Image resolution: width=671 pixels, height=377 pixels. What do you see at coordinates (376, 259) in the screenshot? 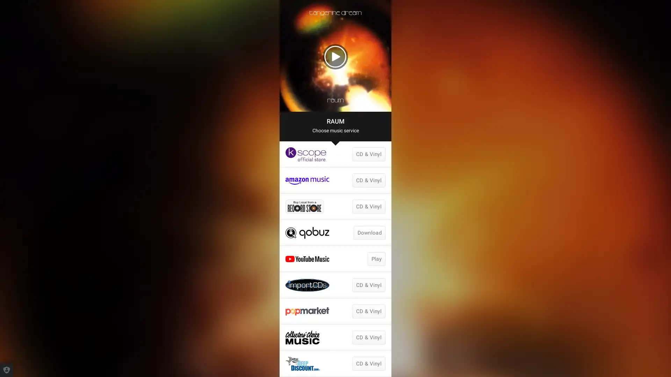
I see `Play` at bounding box center [376, 259].